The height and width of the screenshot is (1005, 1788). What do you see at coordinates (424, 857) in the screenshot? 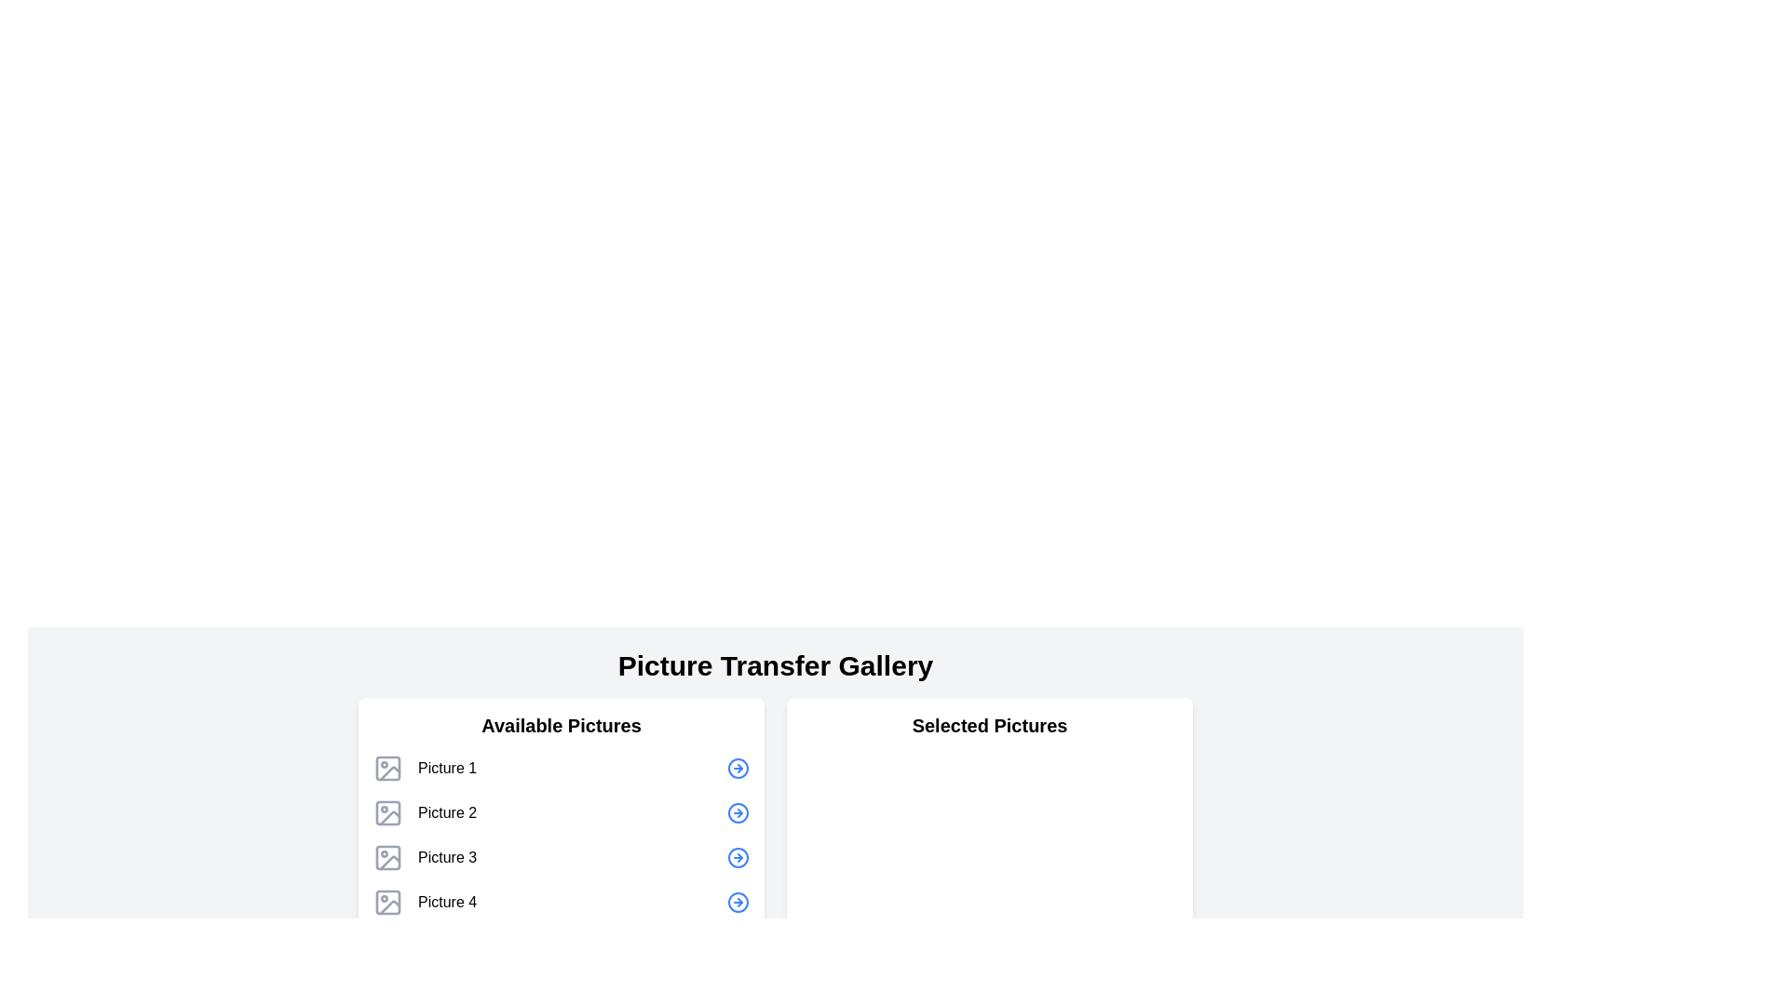
I see `the list item labeled 'Picture 3' which contains an icon of a picture frame and is located in the 'Available Pictures' column` at bounding box center [424, 857].